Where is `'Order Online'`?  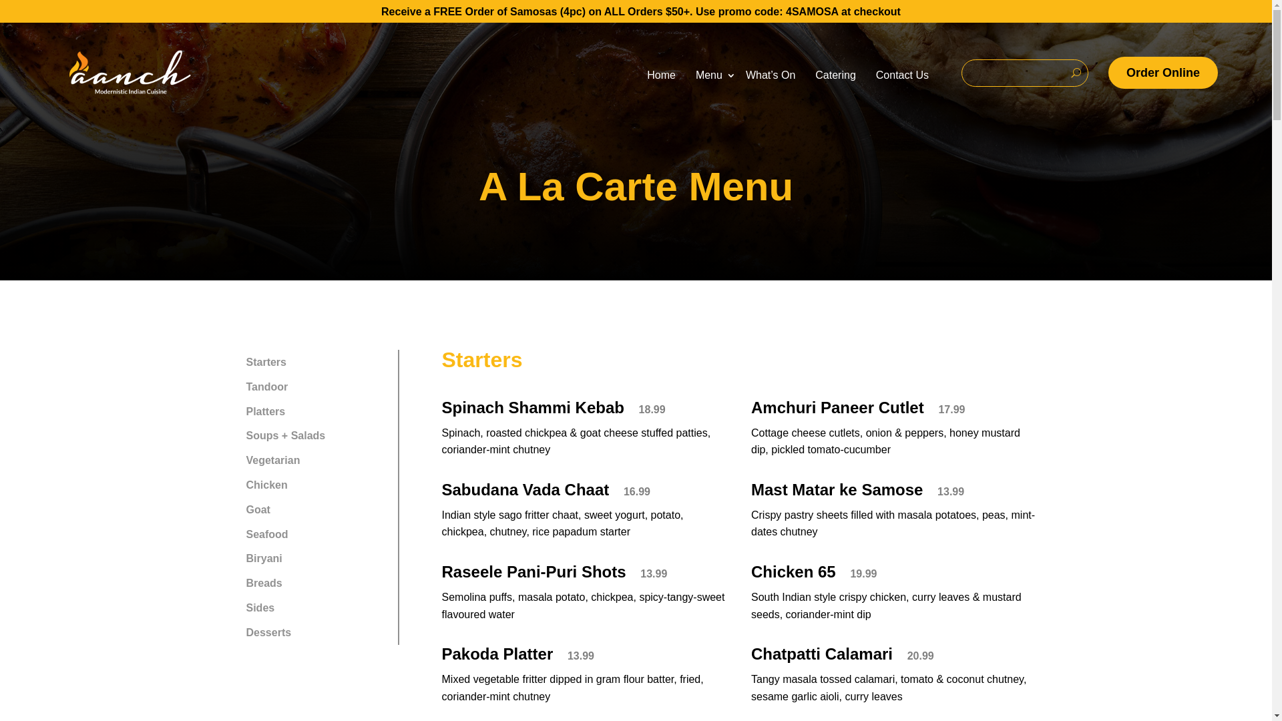
'Order Online' is located at coordinates (1162, 73).